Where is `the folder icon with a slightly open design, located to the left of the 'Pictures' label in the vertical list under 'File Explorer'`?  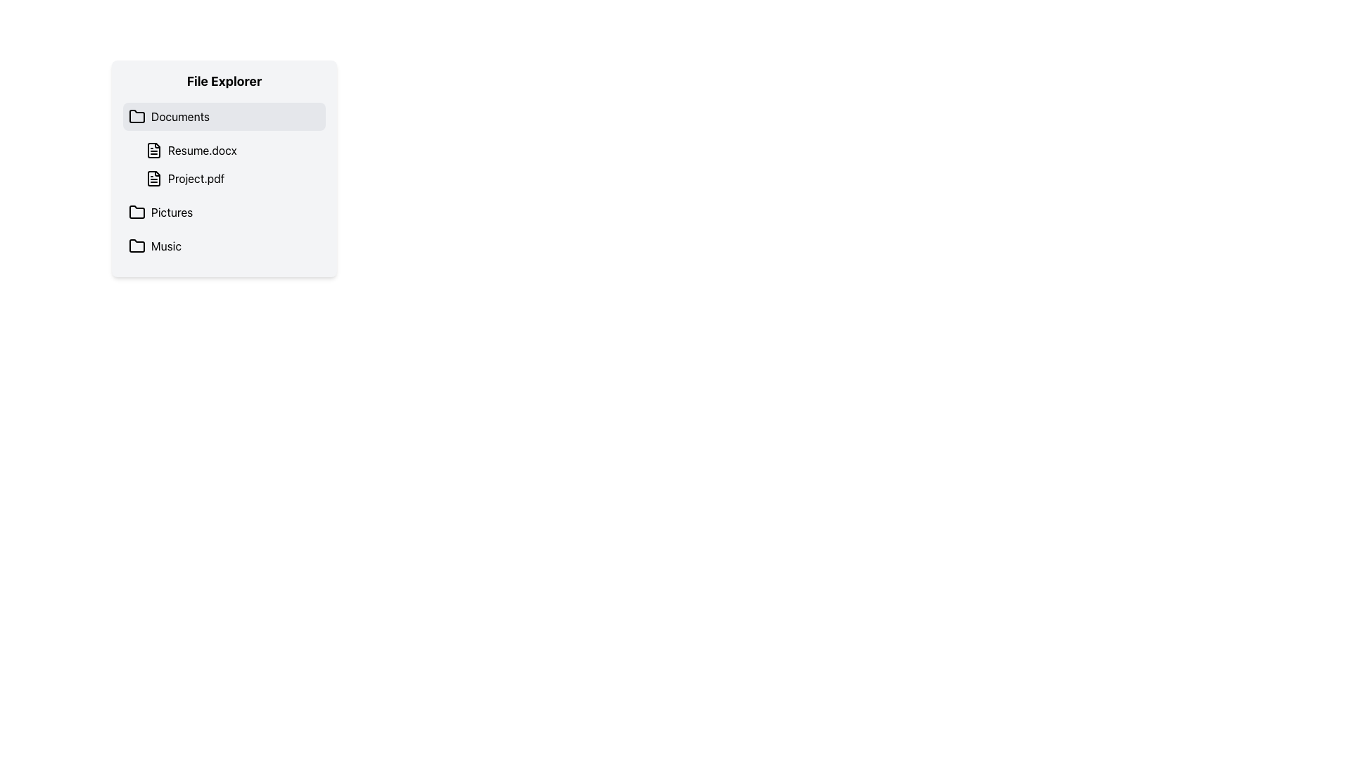 the folder icon with a slightly open design, located to the left of the 'Pictures' label in the vertical list under 'File Explorer' is located at coordinates (137, 211).